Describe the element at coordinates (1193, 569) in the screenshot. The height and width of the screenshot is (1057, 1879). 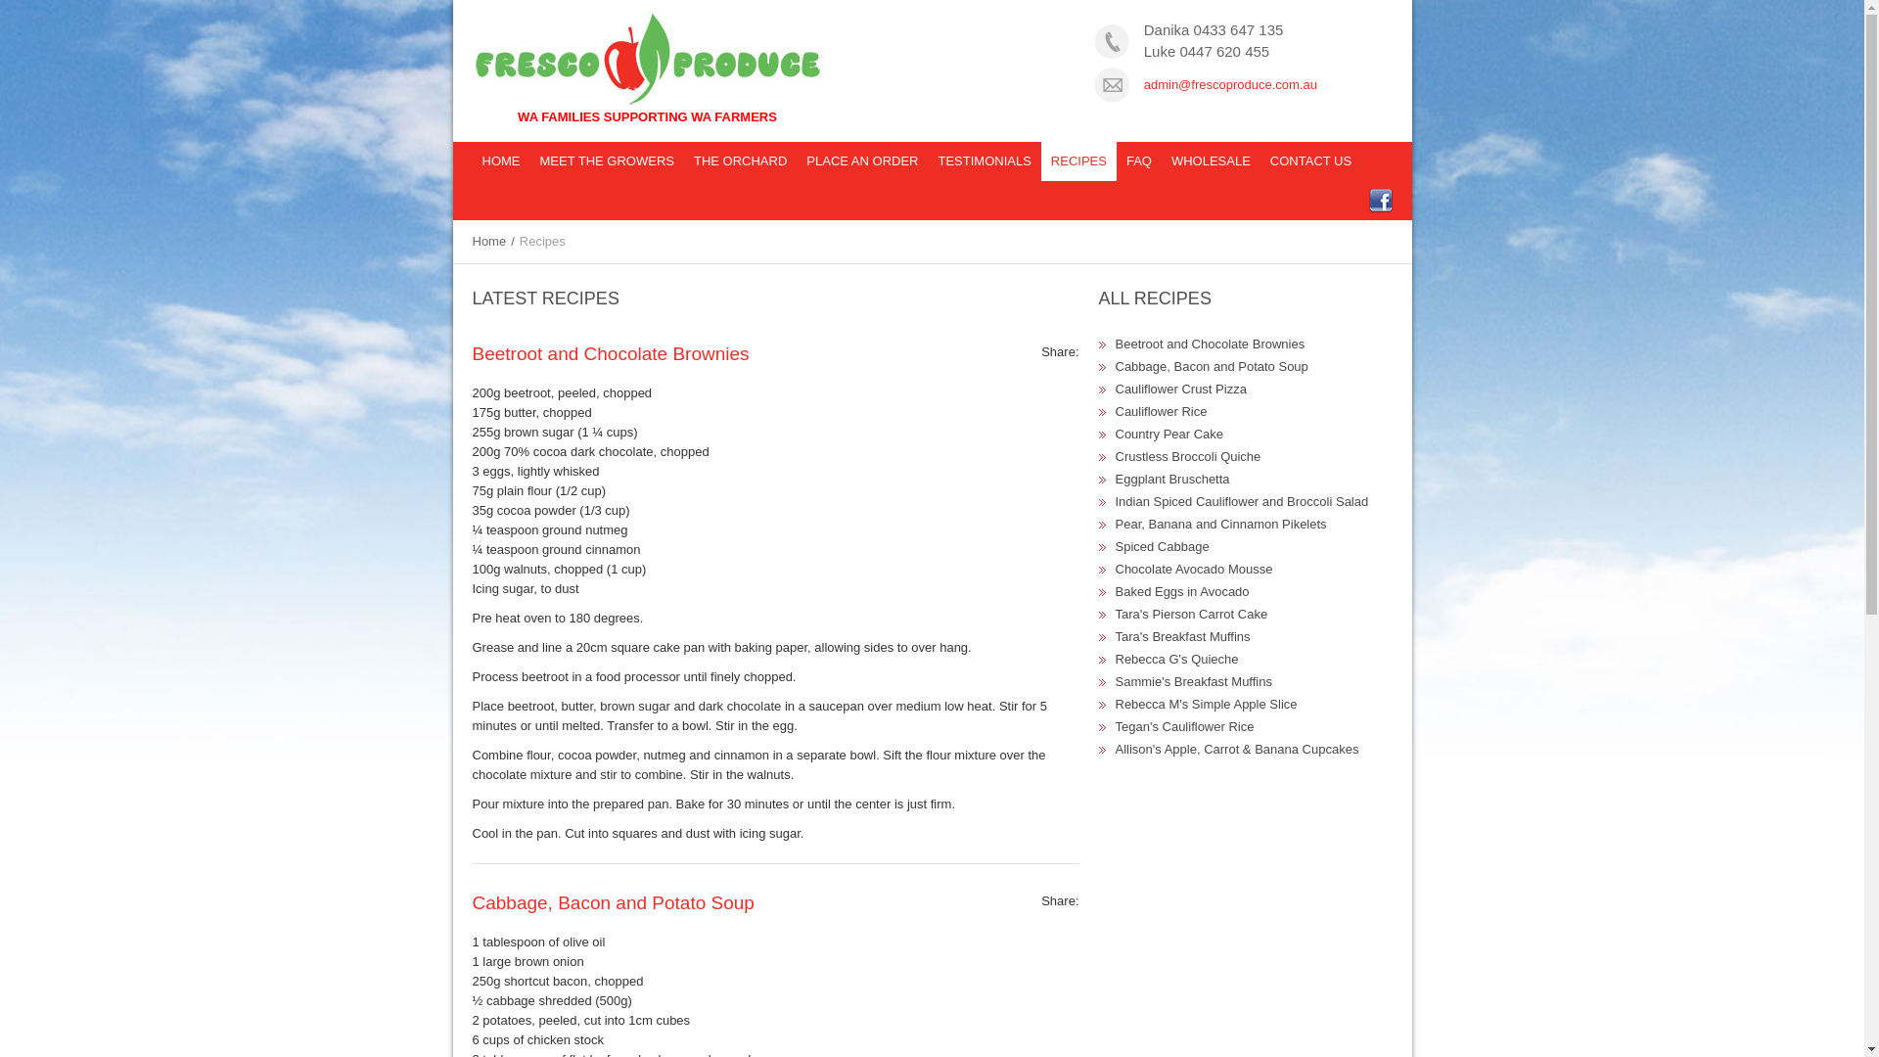
I see `'Chocolate Avocado Mousse'` at that location.